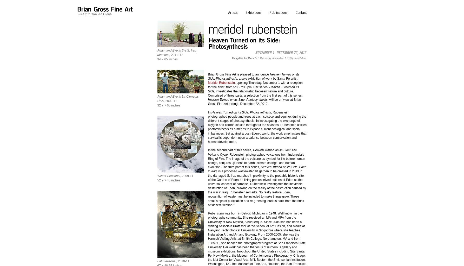  I want to click on 'Winter Seasonal', so click(169, 175).